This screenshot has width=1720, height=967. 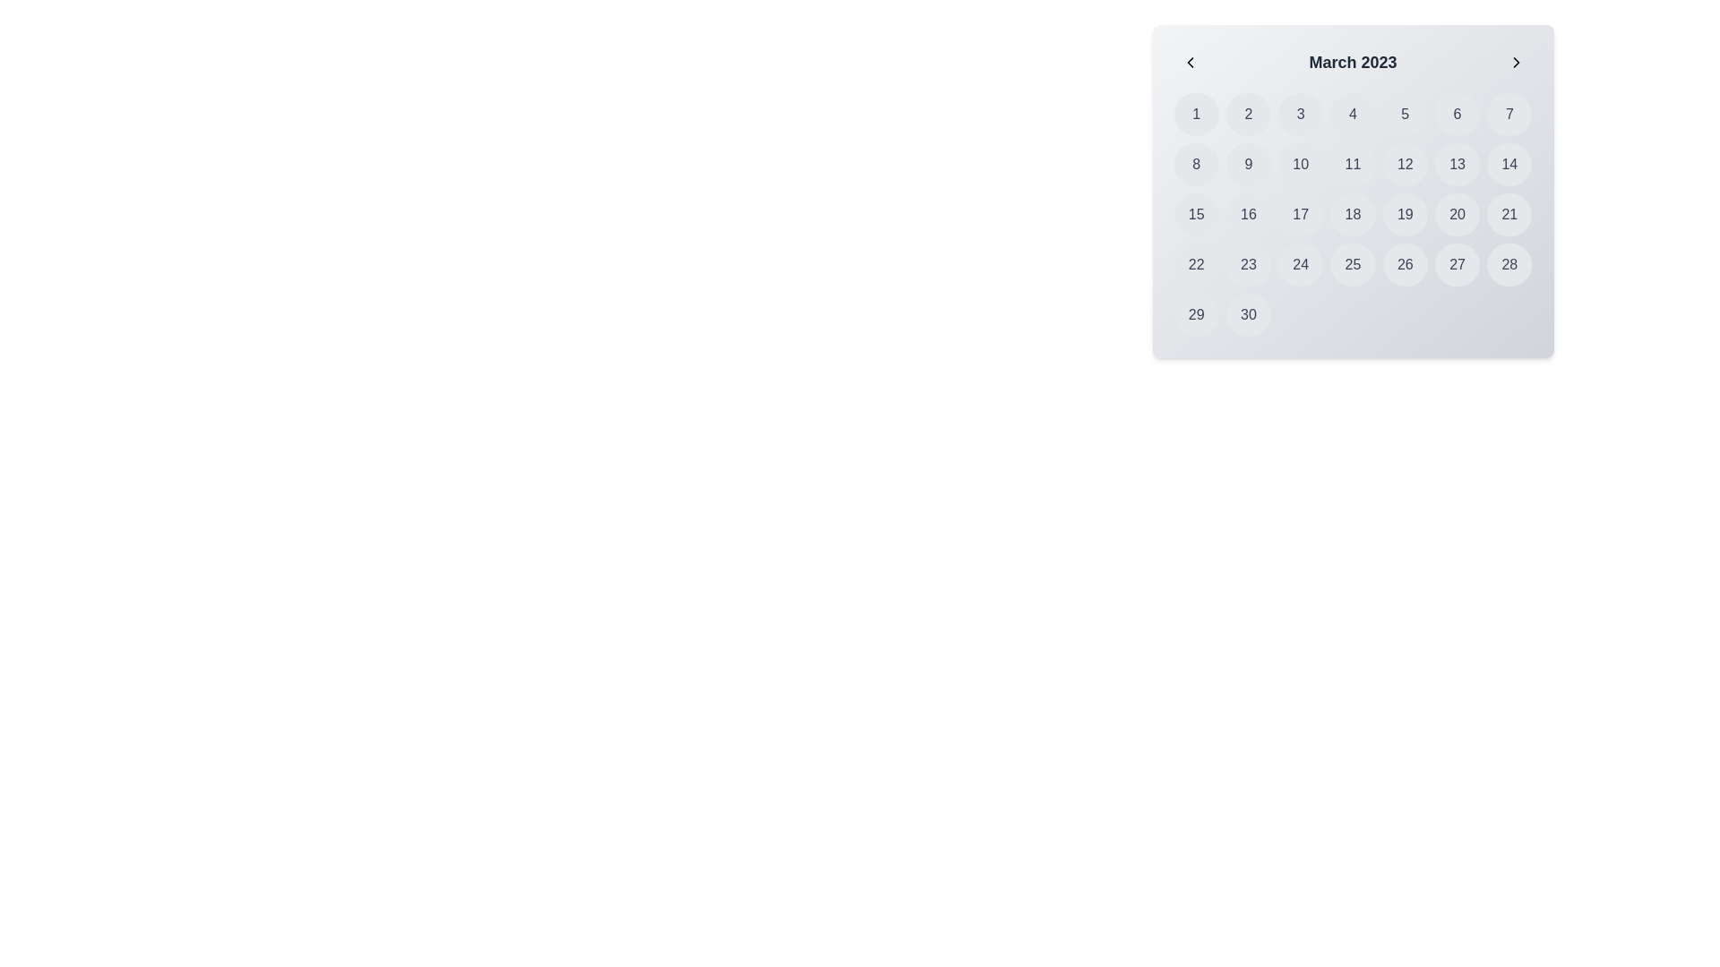 I want to click on the selectable date button labeled '16' in the calendar interface, so click(x=1247, y=213).